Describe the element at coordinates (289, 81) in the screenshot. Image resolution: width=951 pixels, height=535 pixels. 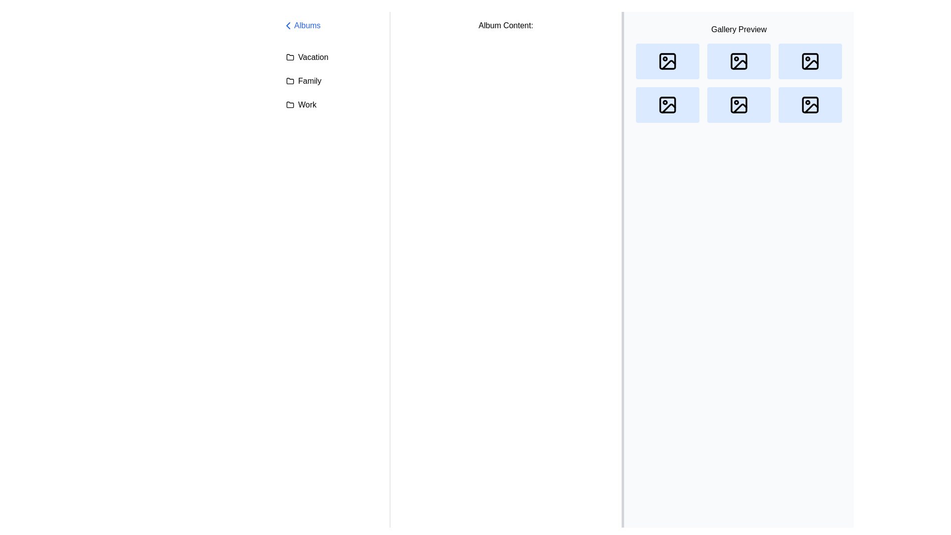
I see `the folder icon located to the left of the text labeled 'Family'` at that location.